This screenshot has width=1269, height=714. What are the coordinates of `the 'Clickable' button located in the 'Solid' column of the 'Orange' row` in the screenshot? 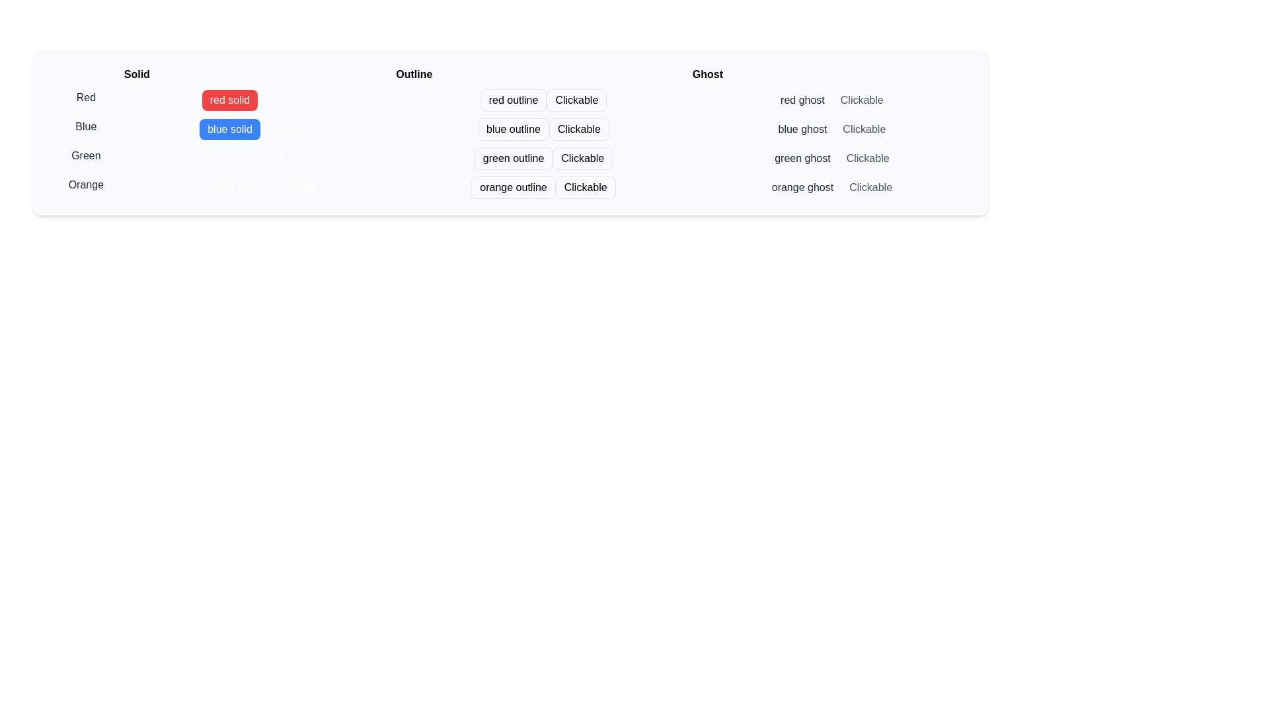 It's located at (295, 188).